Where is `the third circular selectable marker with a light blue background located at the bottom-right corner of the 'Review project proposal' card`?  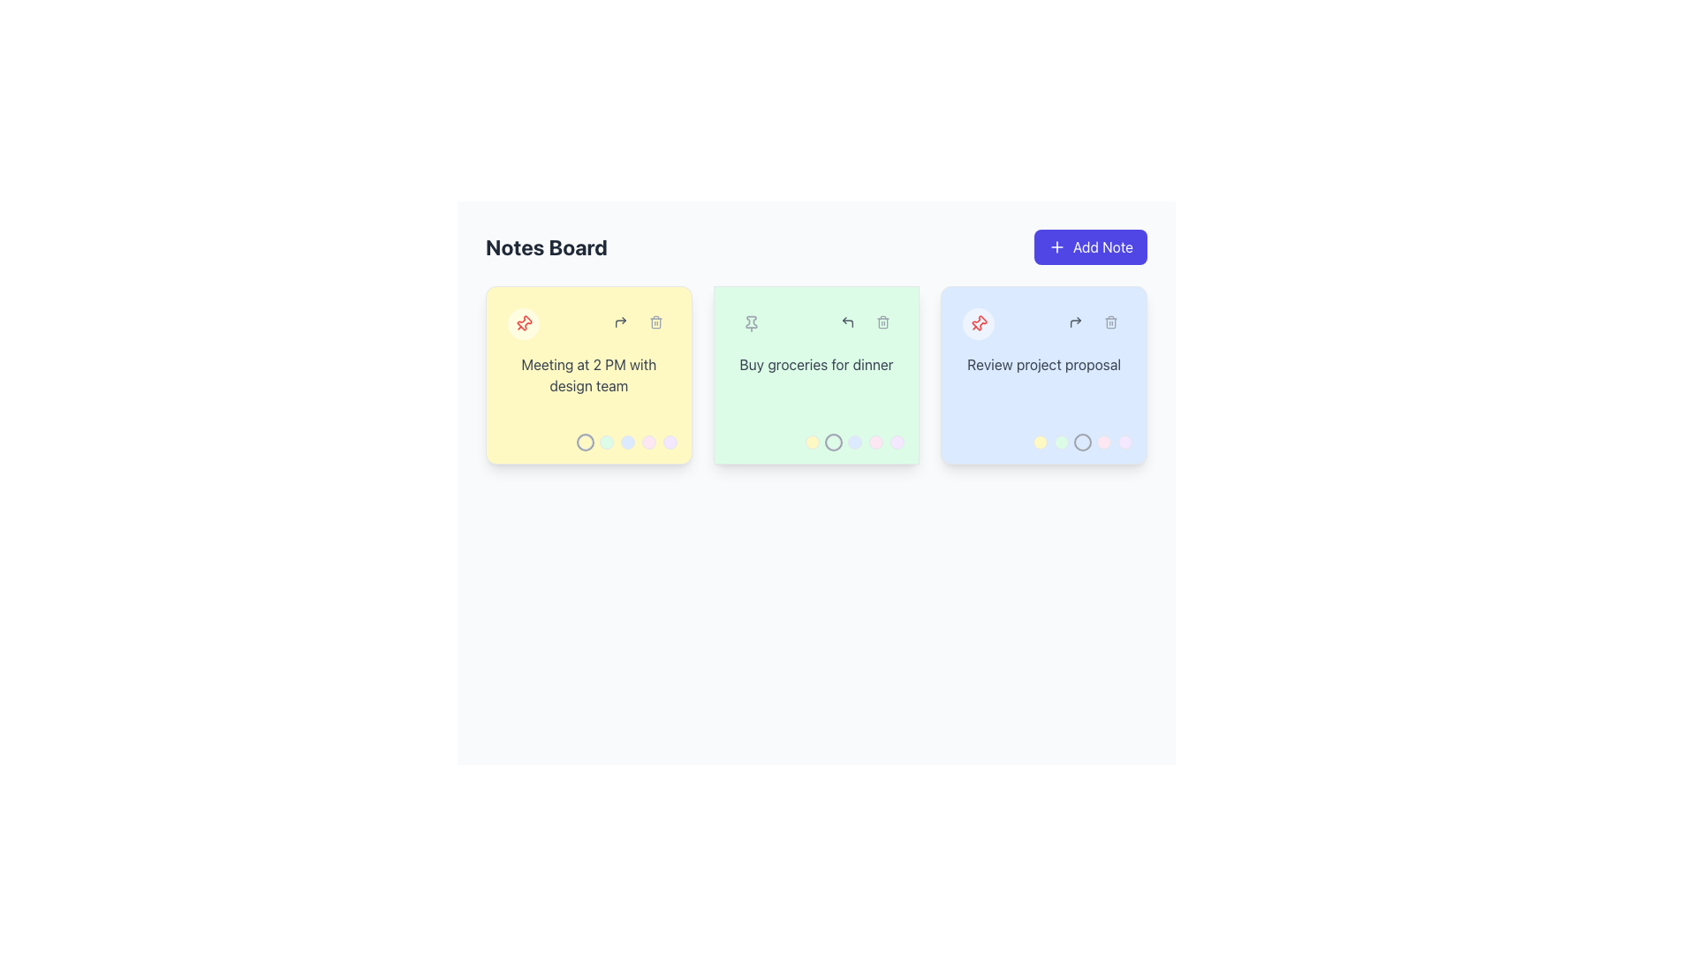
the third circular selectable marker with a light blue background located at the bottom-right corner of the 'Review project proposal' card is located at coordinates (1081, 442).